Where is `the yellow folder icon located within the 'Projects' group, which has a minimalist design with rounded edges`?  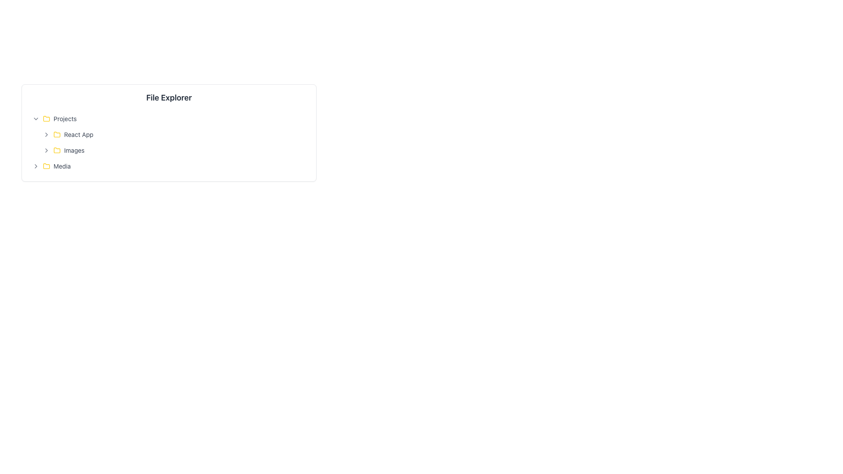 the yellow folder icon located within the 'Projects' group, which has a minimalist design with rounded edges is located at coordinates (46, 118).